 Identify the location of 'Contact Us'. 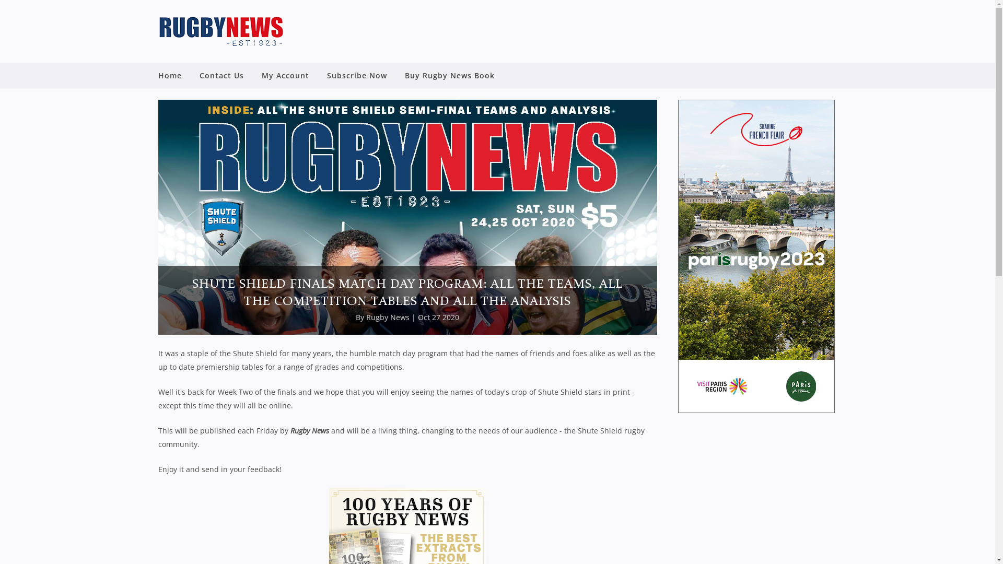
(220, 75).